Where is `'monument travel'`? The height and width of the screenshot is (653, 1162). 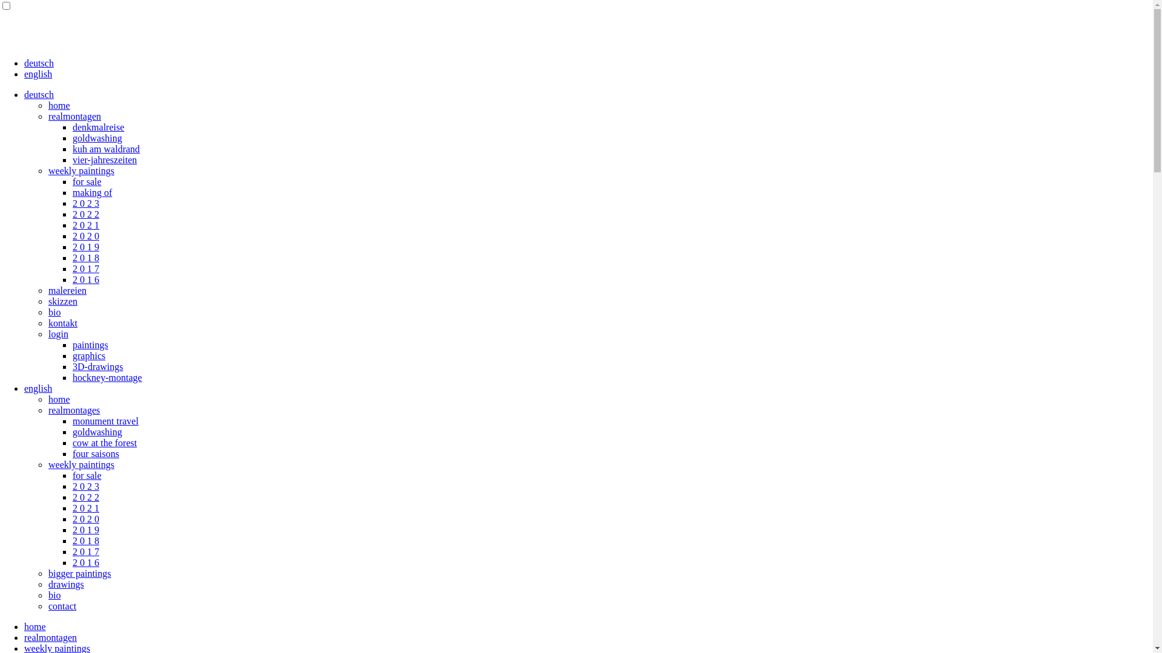 'monument travel' is located at coordinates (105, 420).